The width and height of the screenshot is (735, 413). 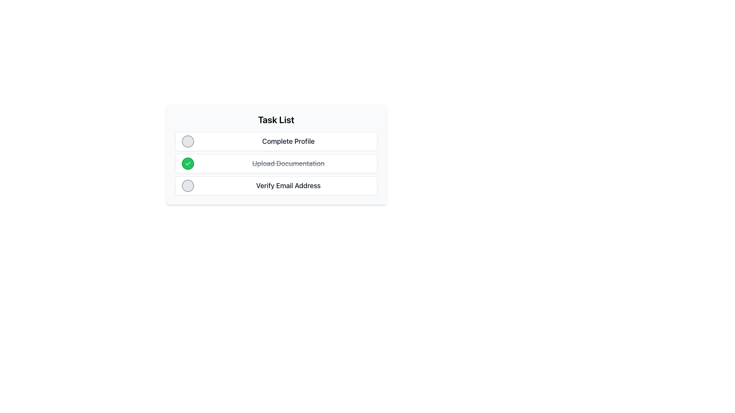 What do you see at coordinates (188, 186) in the screenshot?
I see `the circular button with a neutral gray background located to the left of 'Verify Email Address'` at bounding box center [188, 186].